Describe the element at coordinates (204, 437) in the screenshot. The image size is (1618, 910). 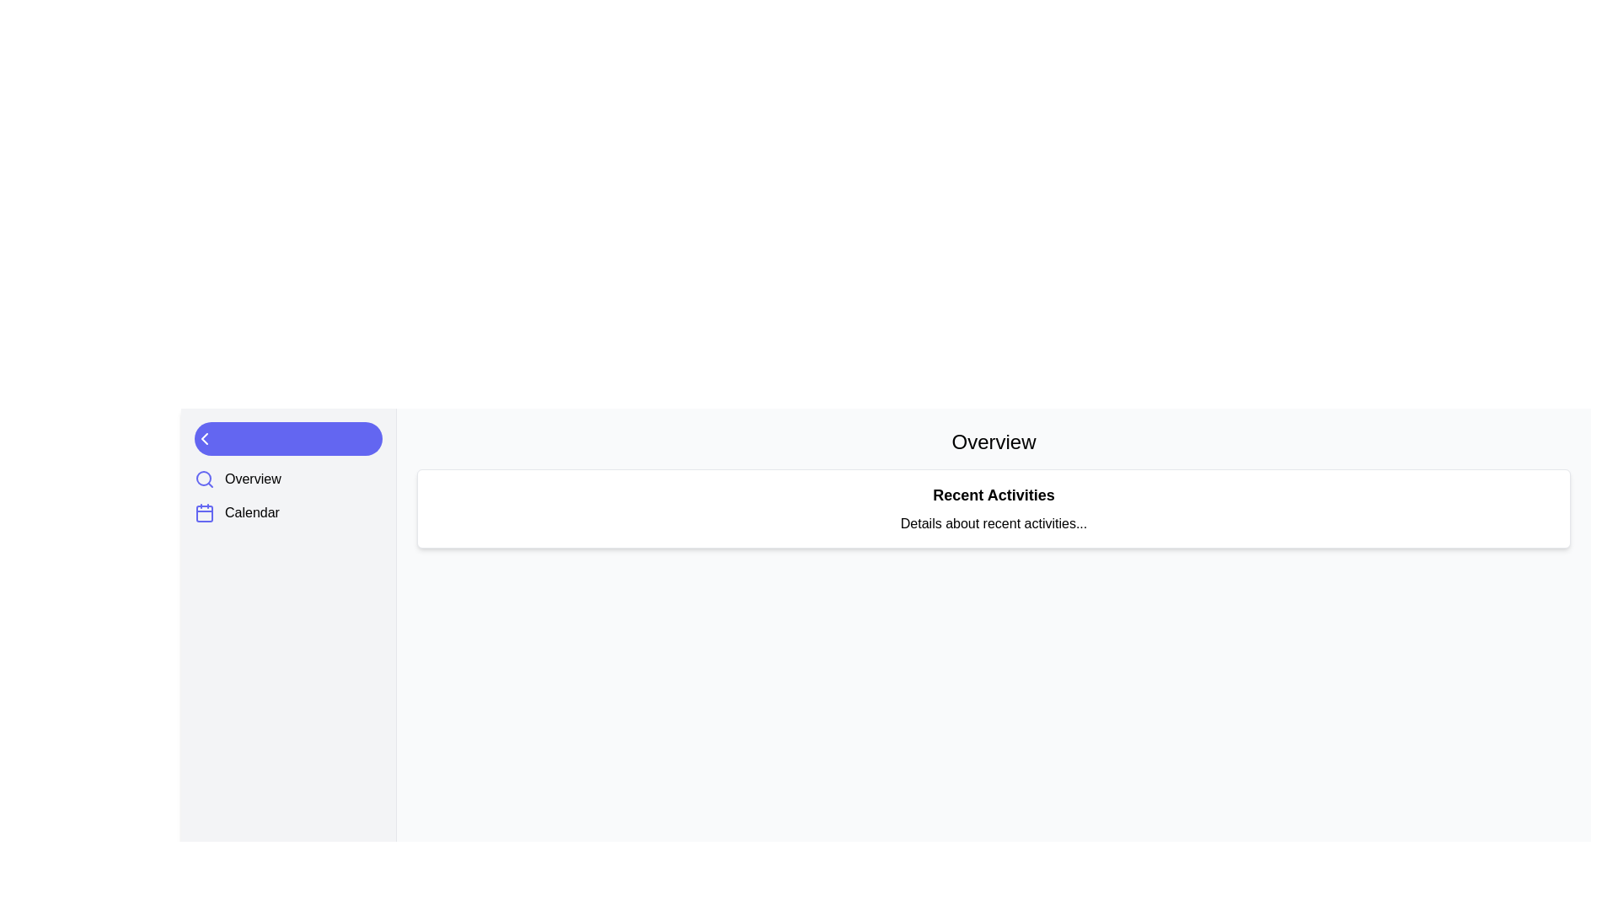
I see `the left-pointing Chevron arrow icon located within the light blue button at the top-left corner of the sidebar` at that location.